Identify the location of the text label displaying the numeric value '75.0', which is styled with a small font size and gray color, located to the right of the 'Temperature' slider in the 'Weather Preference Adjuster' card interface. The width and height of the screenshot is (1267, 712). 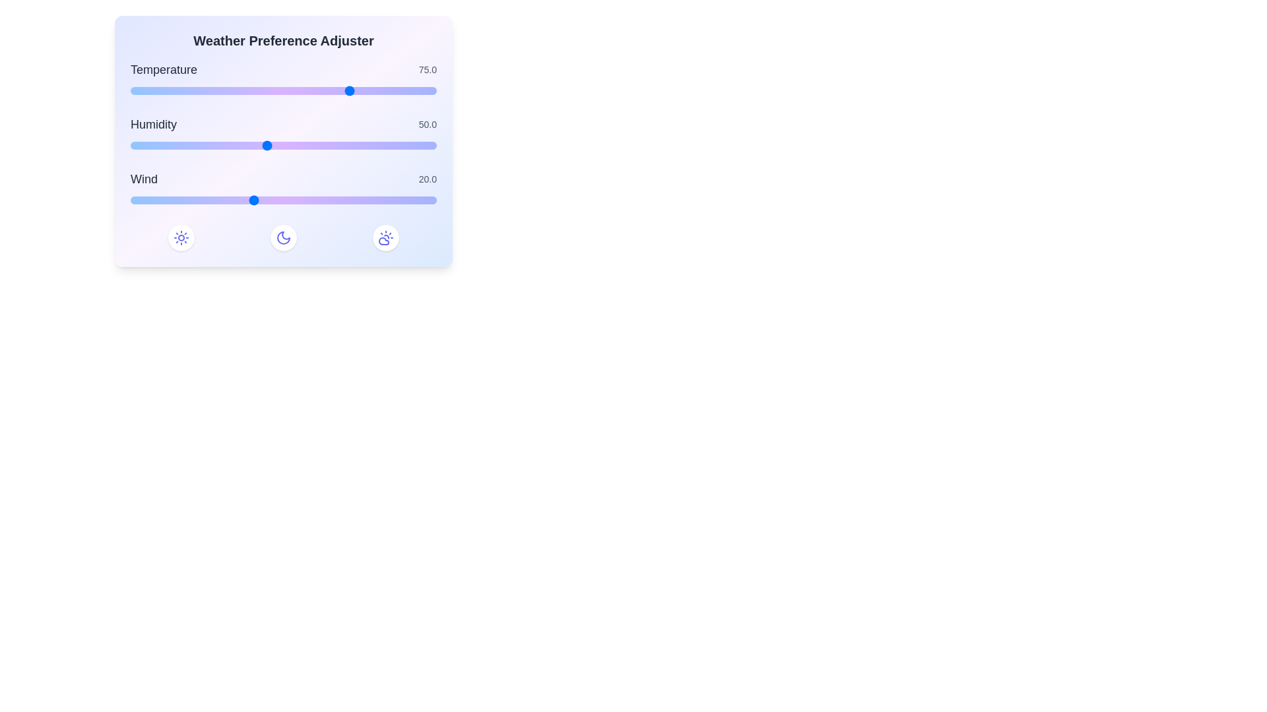
(428, 69).